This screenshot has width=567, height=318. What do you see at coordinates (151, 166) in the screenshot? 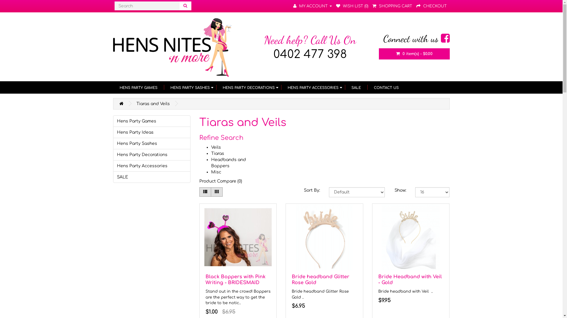
I see `'Hens Party Accessories'` at bounding box center [151, 166].